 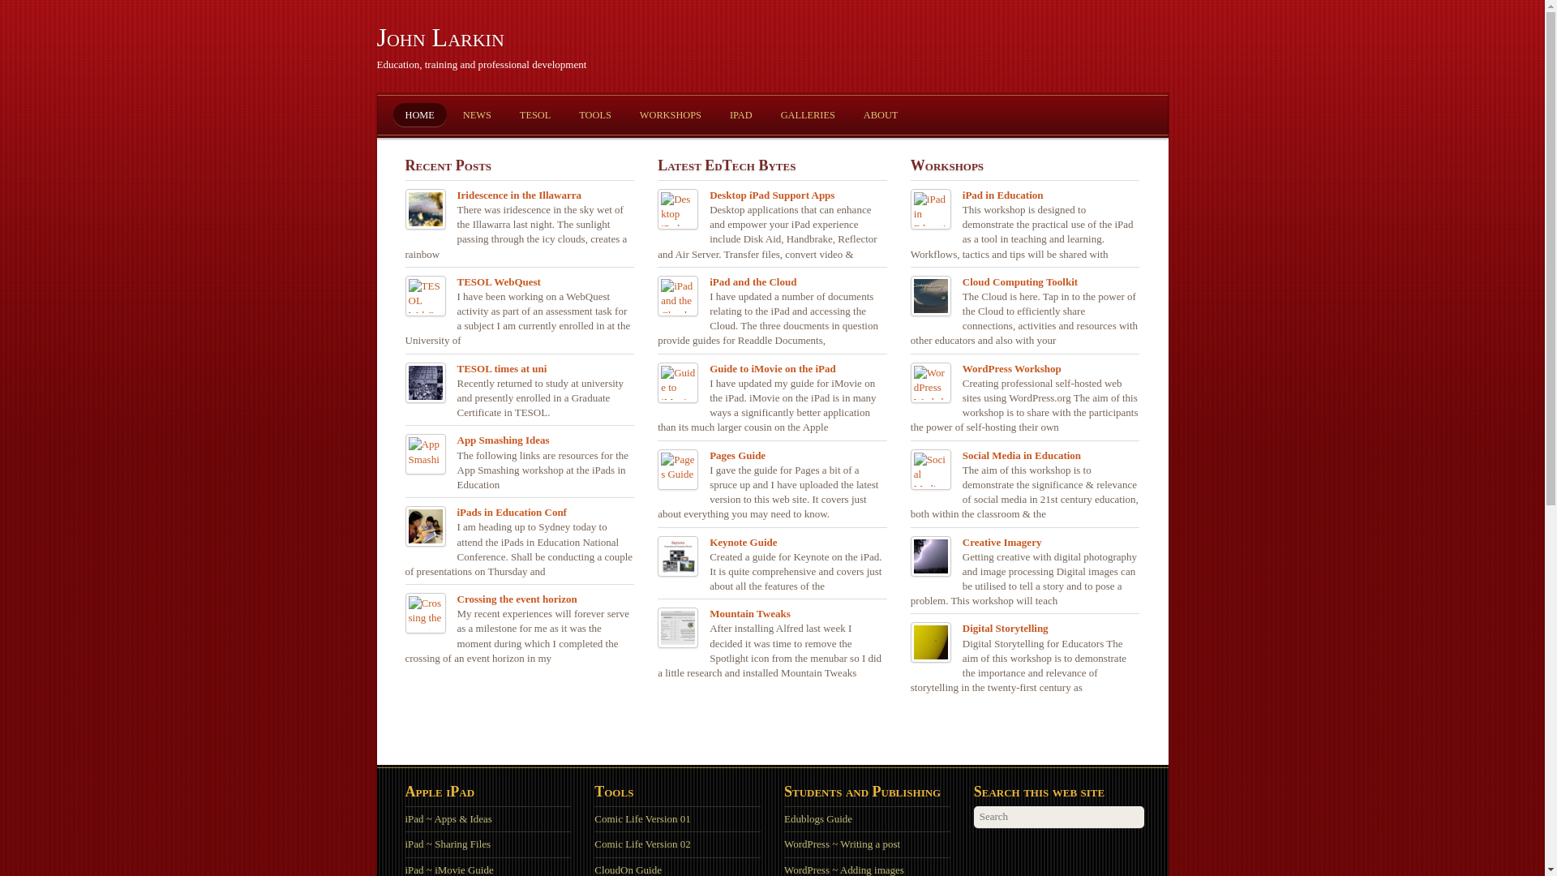 What do you see at coordinates (448, 818) in the screenshot?
I see `'iPad ~ Apps & Ideas'` at bounding box center [448, 818].